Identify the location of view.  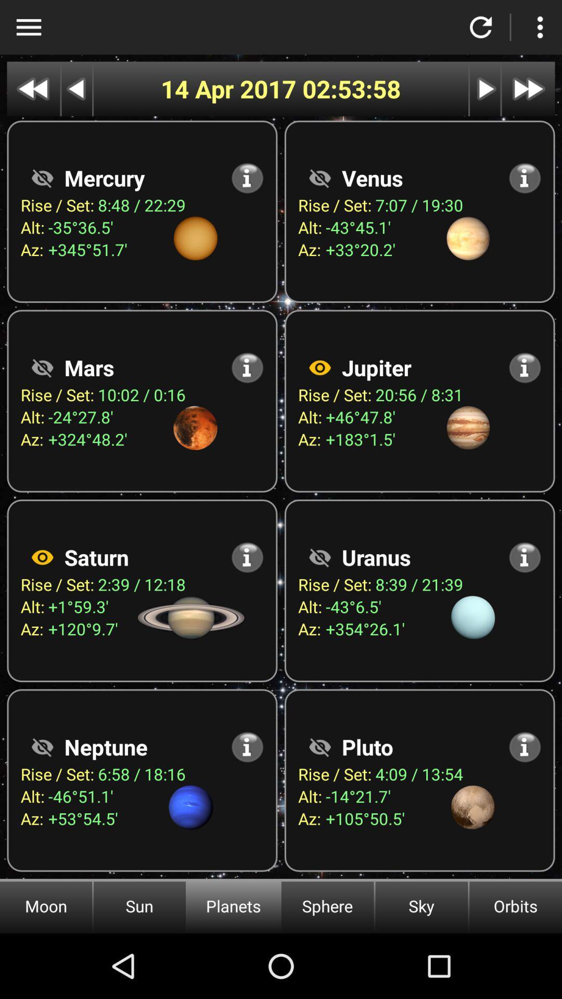
(319, 746).